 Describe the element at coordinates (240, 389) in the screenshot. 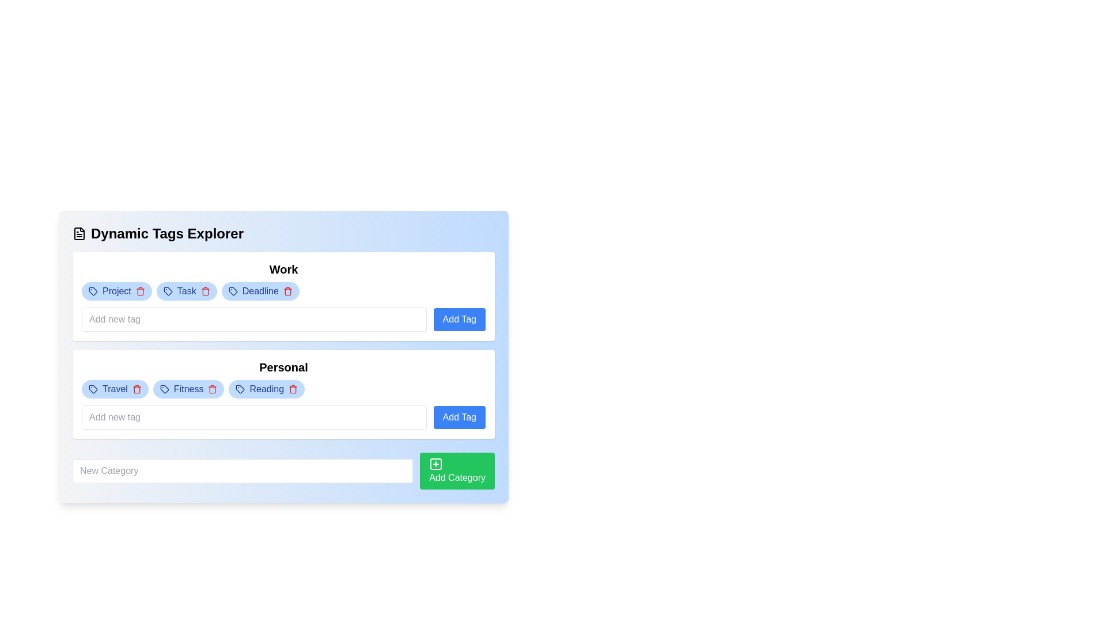

I see `the tag icon representing 'Reading' in the 'Personal' category, which is a small iconographic label typically used for tagging or categorization` at that location.